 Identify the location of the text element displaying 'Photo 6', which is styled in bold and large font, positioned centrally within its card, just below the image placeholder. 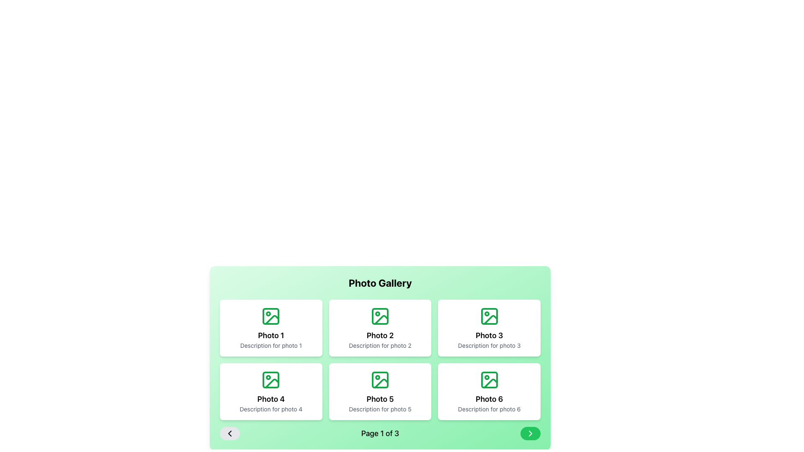
(489, 398).